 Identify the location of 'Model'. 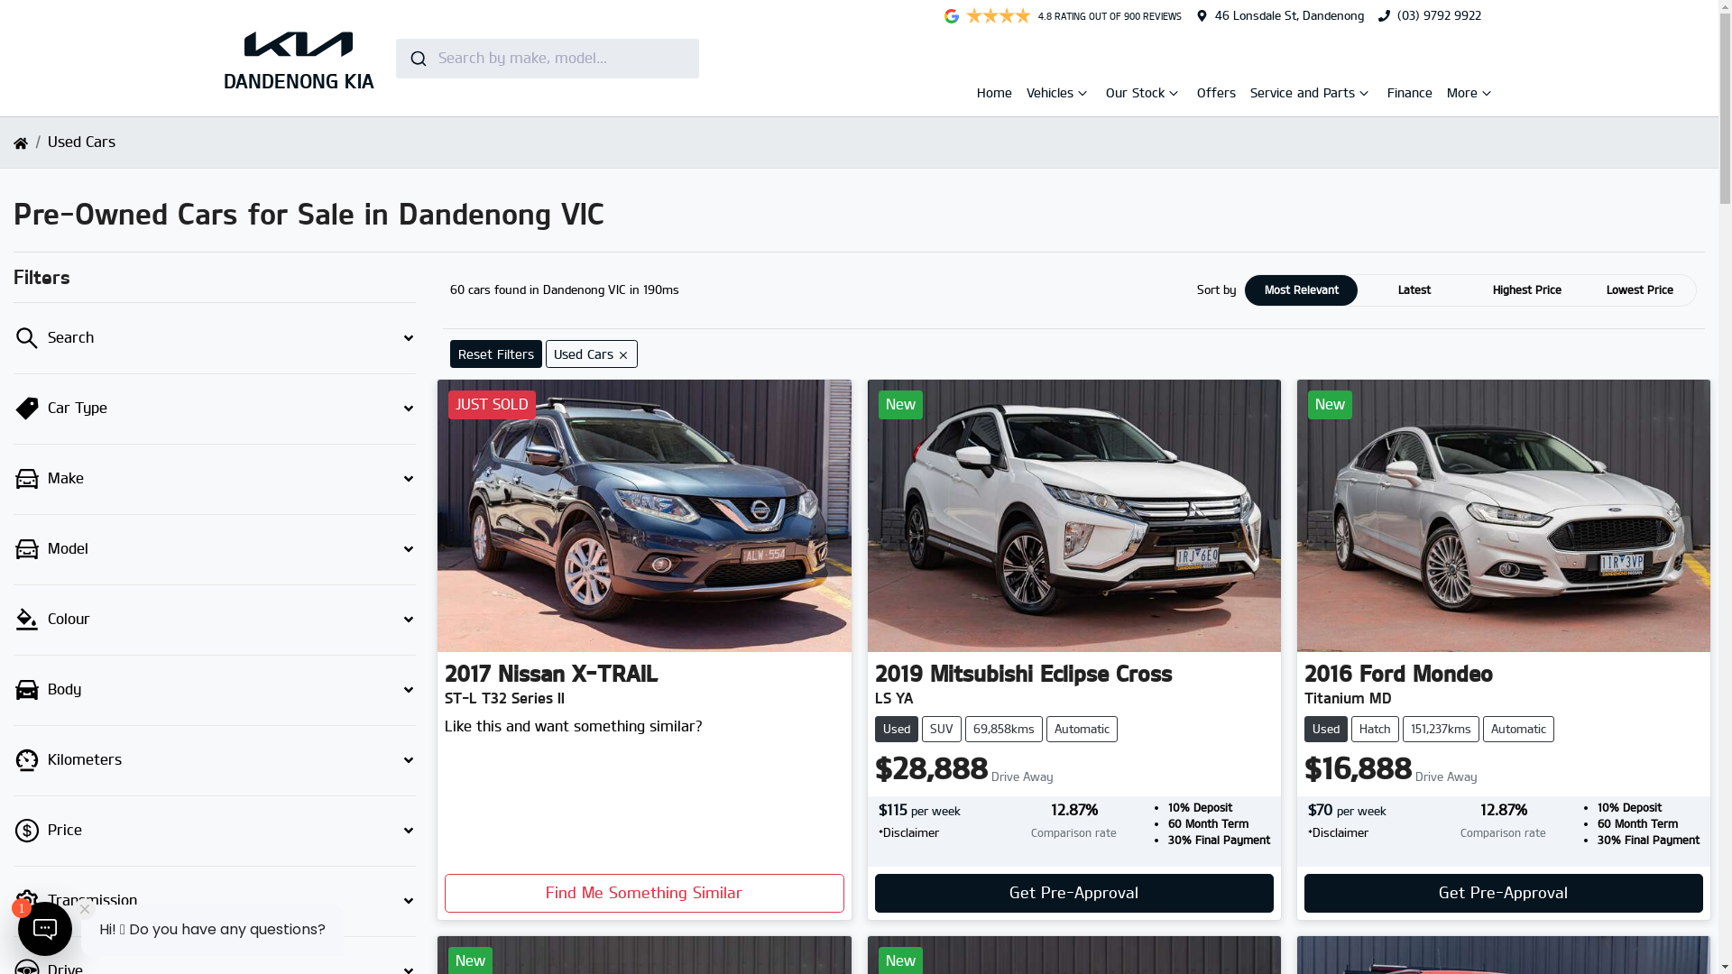
(215, 548).